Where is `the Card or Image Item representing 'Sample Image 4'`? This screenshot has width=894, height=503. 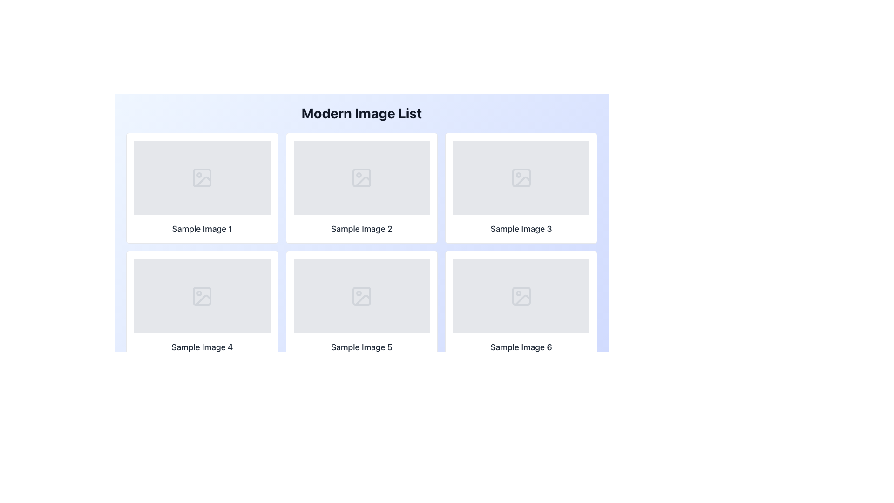 the Card or Image Item representing 'Sample Image 4' is located at coordinates (202, 306).